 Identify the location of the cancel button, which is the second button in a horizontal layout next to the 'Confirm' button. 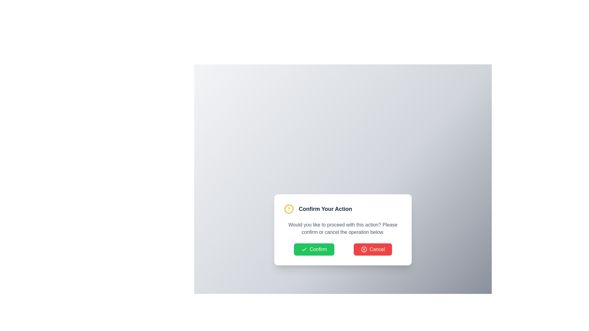
(372, 249).